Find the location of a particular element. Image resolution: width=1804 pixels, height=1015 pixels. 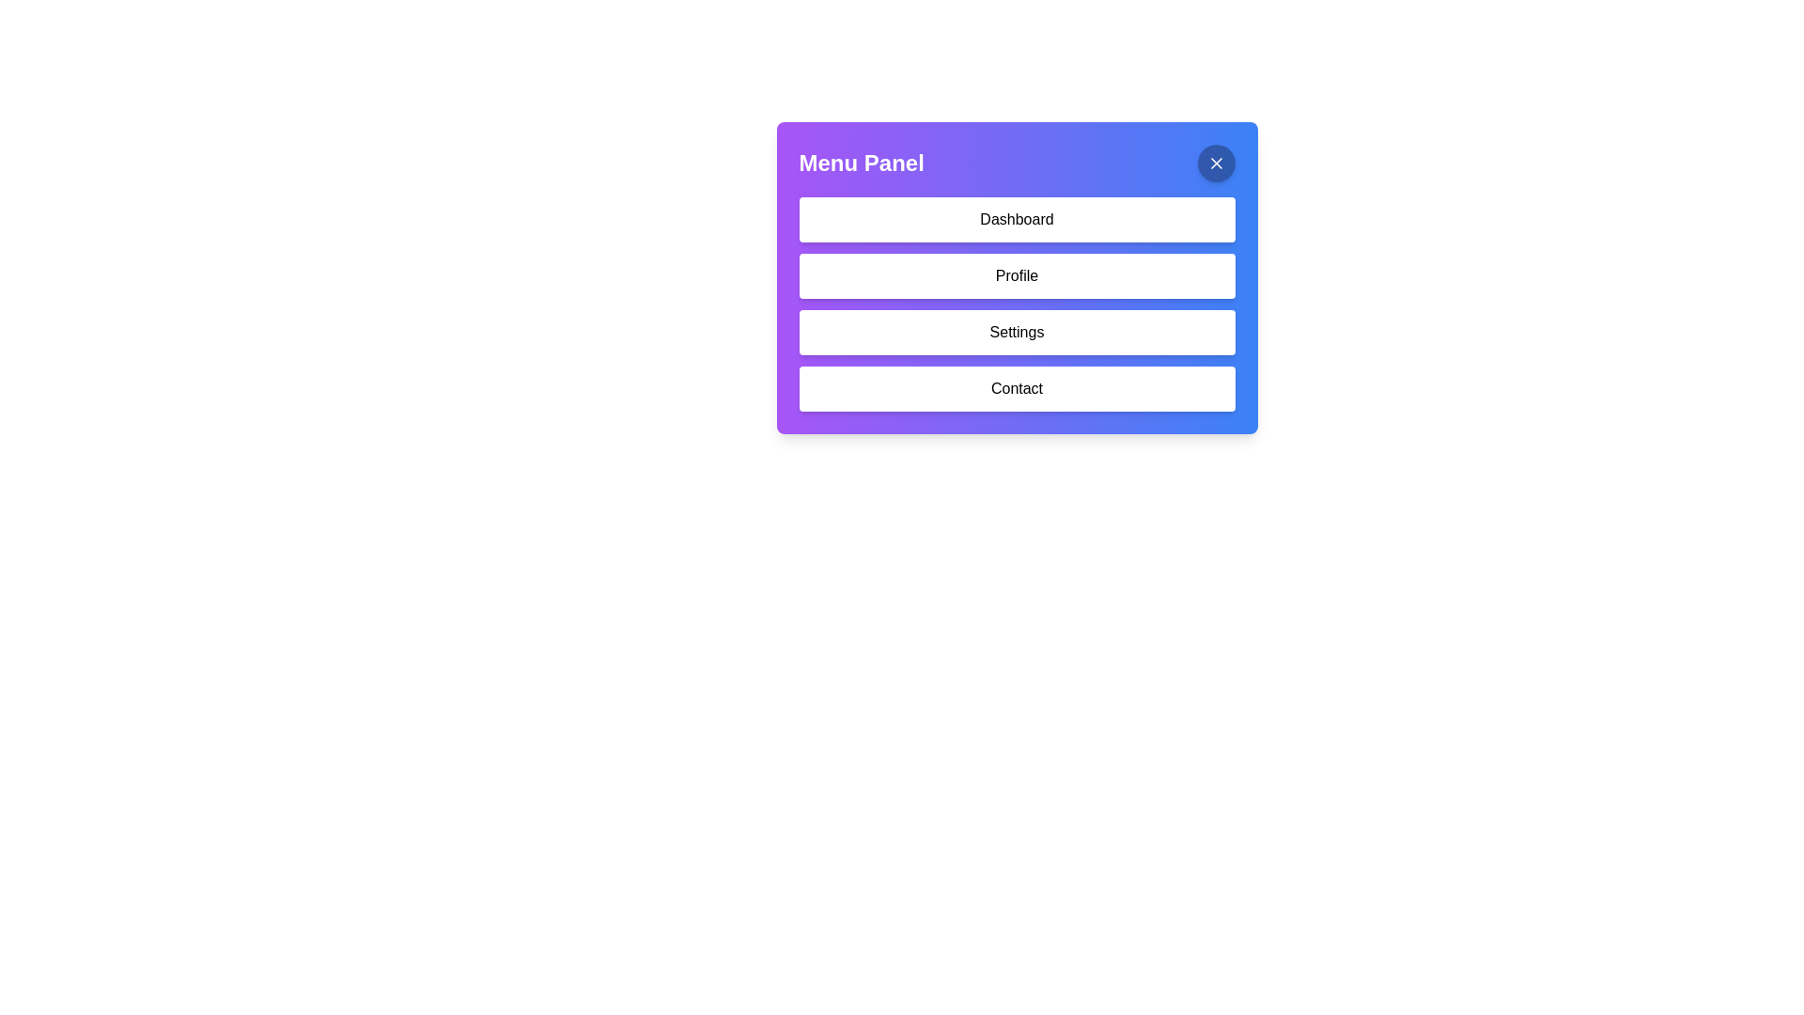

the 'Contact' button located at the bottom of the button group in the 'Menu Panel' is located at coordinates (1016, 387).